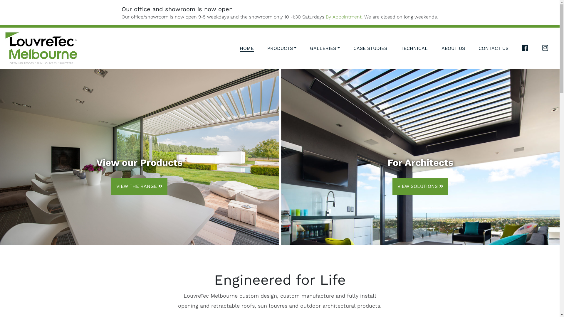 The image size is (564, 317). I want to click on 'TECHNICAL', so click(414, 48).